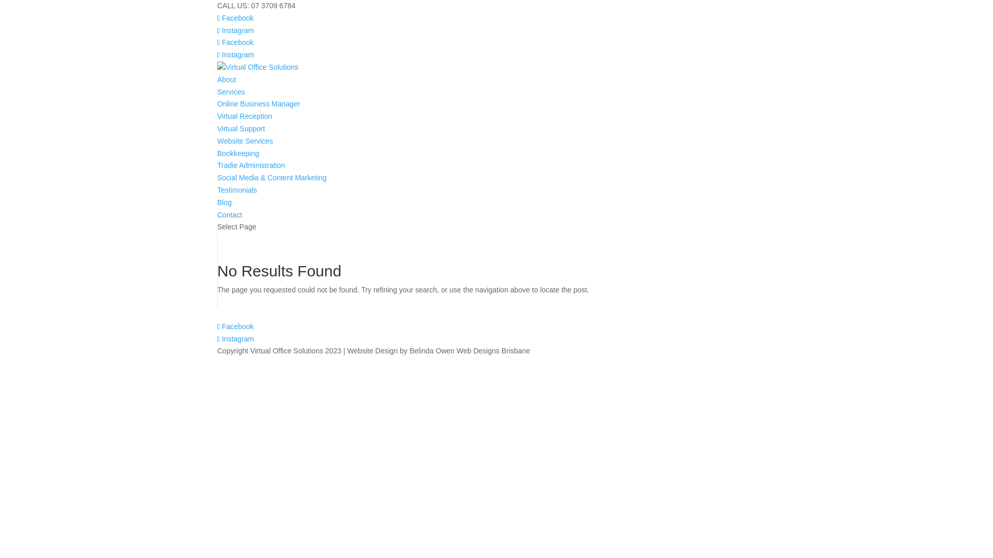 This screenshot has height=558, width=993. What do you see at coordinates (235, 29) in the screenshot?
I see `'Instagram'` at bounding box center [235, 29].